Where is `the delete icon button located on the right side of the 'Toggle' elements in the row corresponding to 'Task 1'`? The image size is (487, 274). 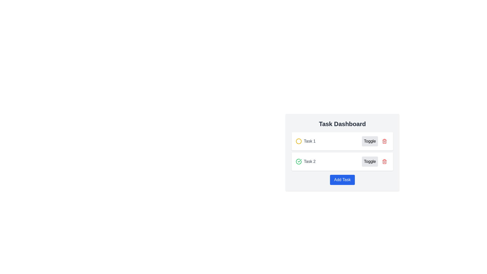 the delete icon button located on the right side of the 'Toggle' elements in the row corresponding to 'Task 1' is located at coordinates (385, 141).